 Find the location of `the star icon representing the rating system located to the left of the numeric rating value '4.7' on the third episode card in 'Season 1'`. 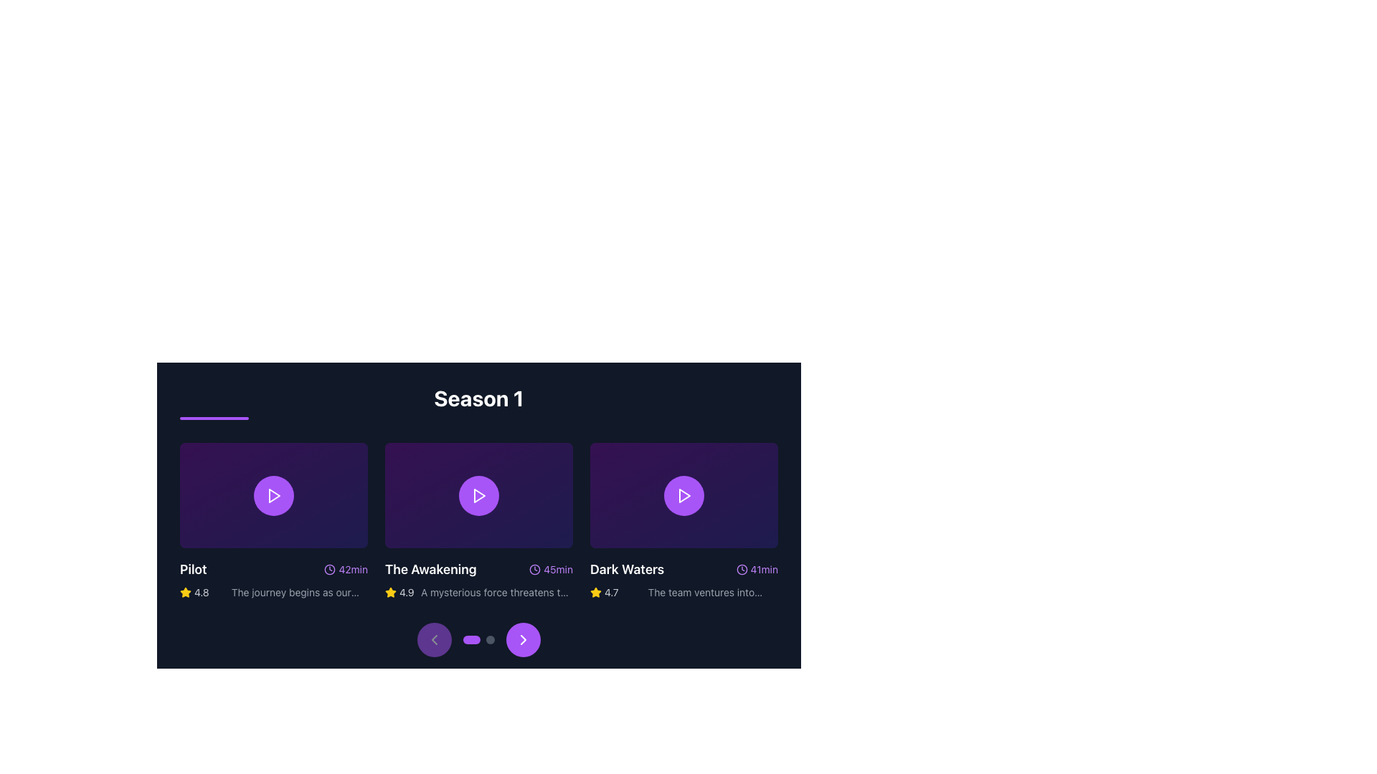

the star icon representing the rating system located to the left of the numeric rating value '4.7' on the third episode card in 'Season 1' is located at coordinates (595, 592).